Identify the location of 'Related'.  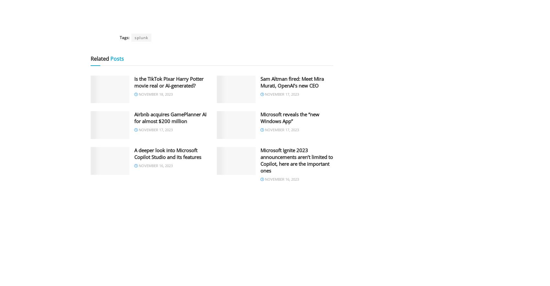
(100, 58).